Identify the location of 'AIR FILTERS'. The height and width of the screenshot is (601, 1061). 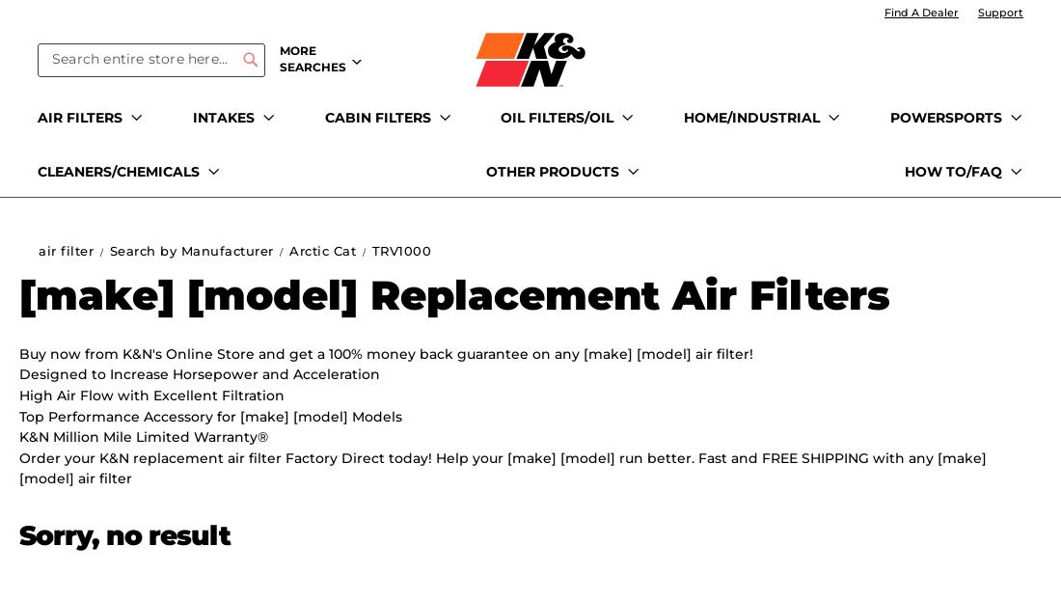
(80, 116).